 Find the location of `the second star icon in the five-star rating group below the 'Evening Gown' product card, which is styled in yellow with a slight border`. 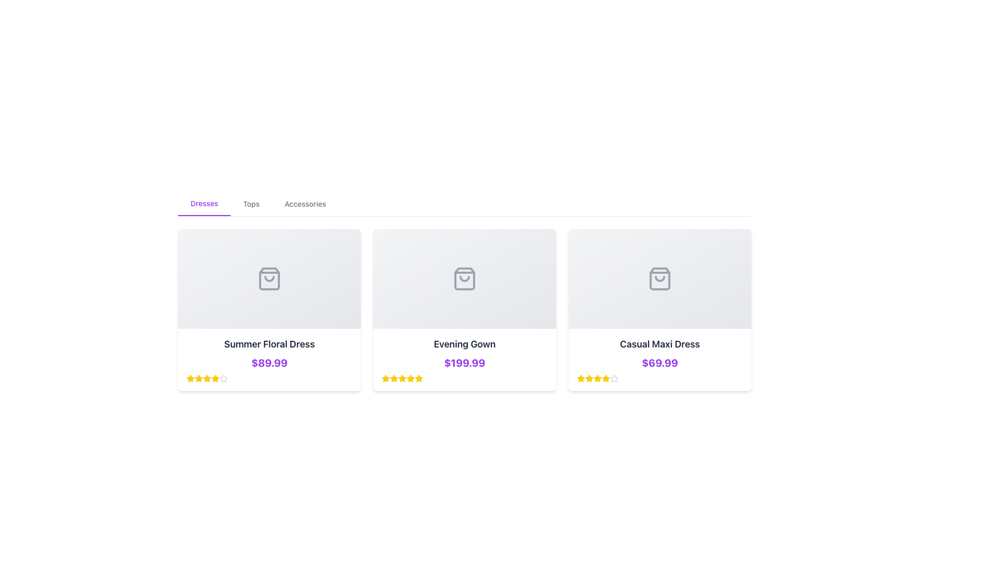

the second star icon in the five-star rating group below the 'Evening Gown' product card, which is styled in yellow with a slight border is located at coordinates (401, 378).